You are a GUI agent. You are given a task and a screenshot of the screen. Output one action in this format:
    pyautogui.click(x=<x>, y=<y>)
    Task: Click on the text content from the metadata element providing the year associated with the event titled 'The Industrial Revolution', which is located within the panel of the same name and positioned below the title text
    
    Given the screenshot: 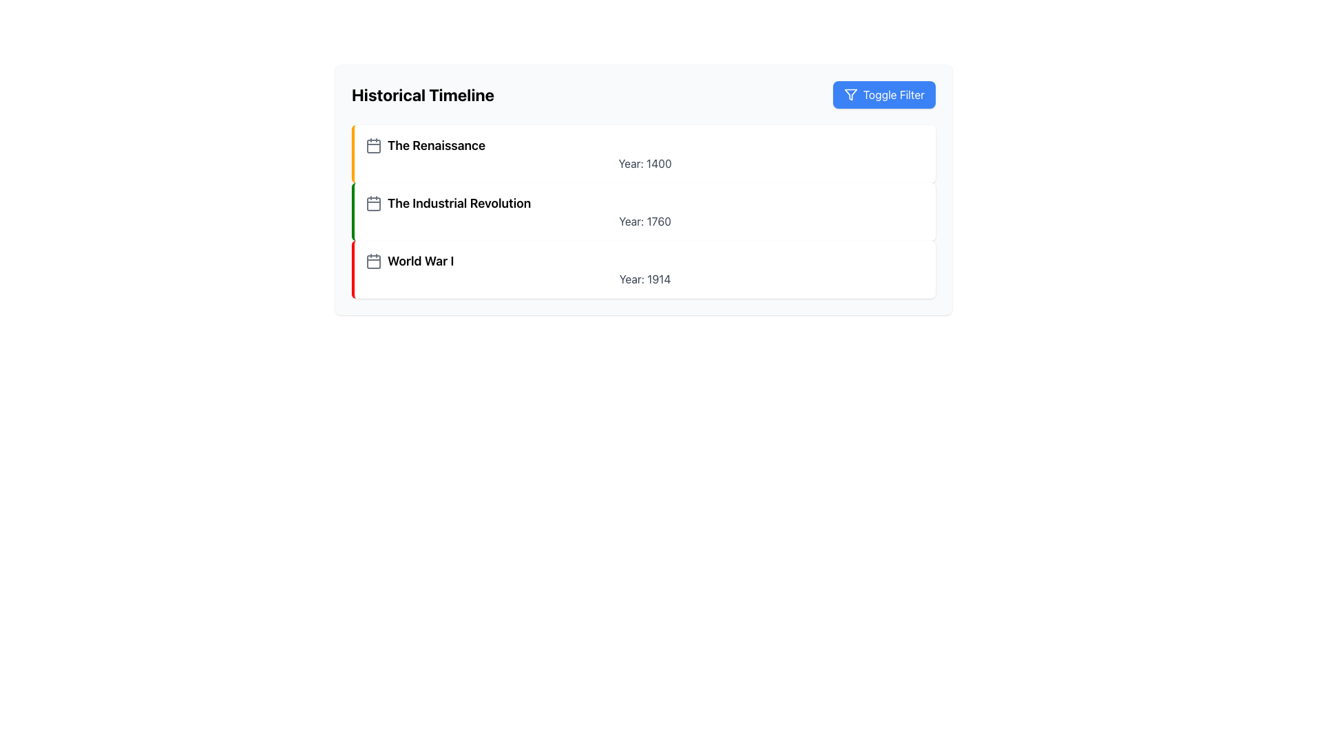 What is the action you would take?
    pyautogui.click(x=644, y=220)
    